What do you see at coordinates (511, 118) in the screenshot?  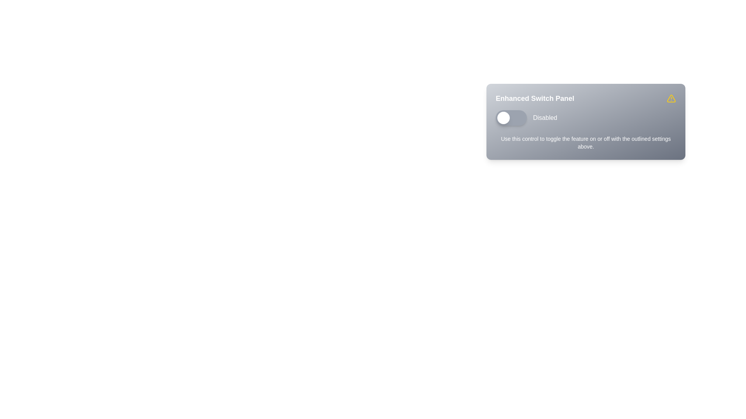 I see `the toggle switch located on the left side of the 'Enhanced Switch Panel'` at bounding box center [511, 118].